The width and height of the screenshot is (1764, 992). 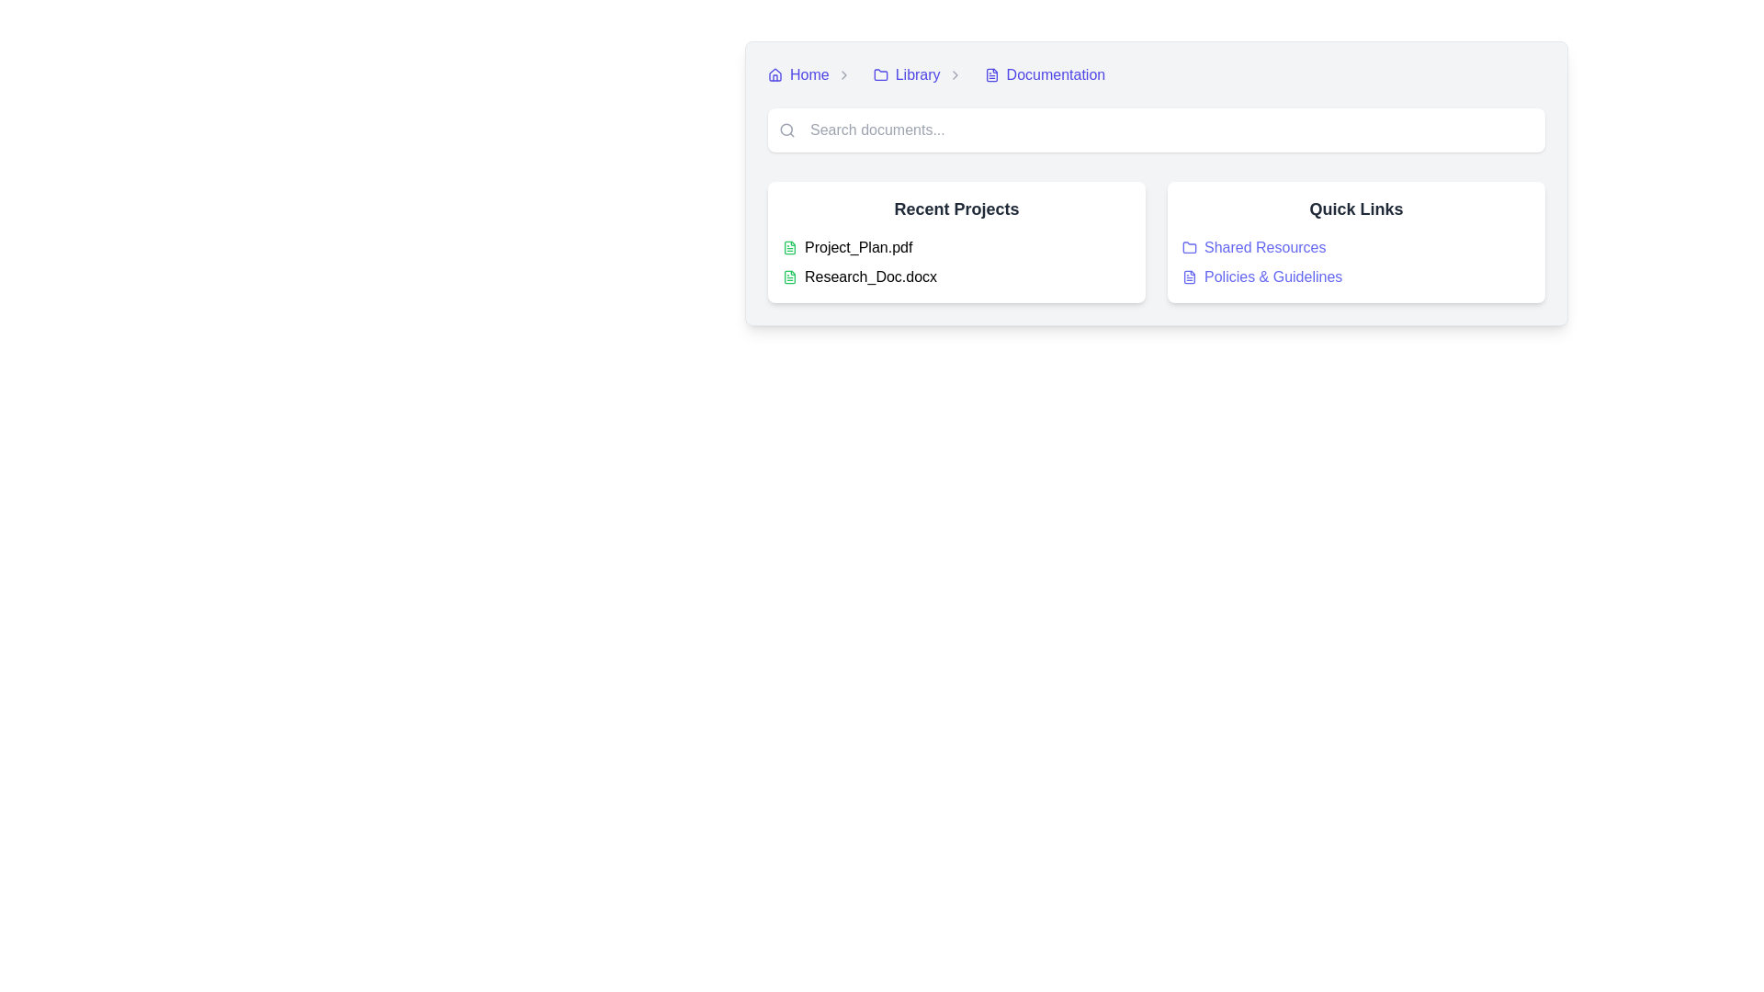 I want to click on the folder icon representing 'Shared Resources' located in the 'Quick Links' section on the right side of the central panel, so click(x=1190, y=248).